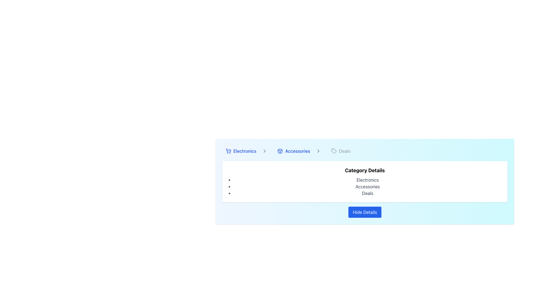 The image size is (533, 300). What do you see at coordinates (293, 151) in the screenshot?
I see `the interactive hyperlink label displaying 'Accessories'` at bounding box center [293, 151].